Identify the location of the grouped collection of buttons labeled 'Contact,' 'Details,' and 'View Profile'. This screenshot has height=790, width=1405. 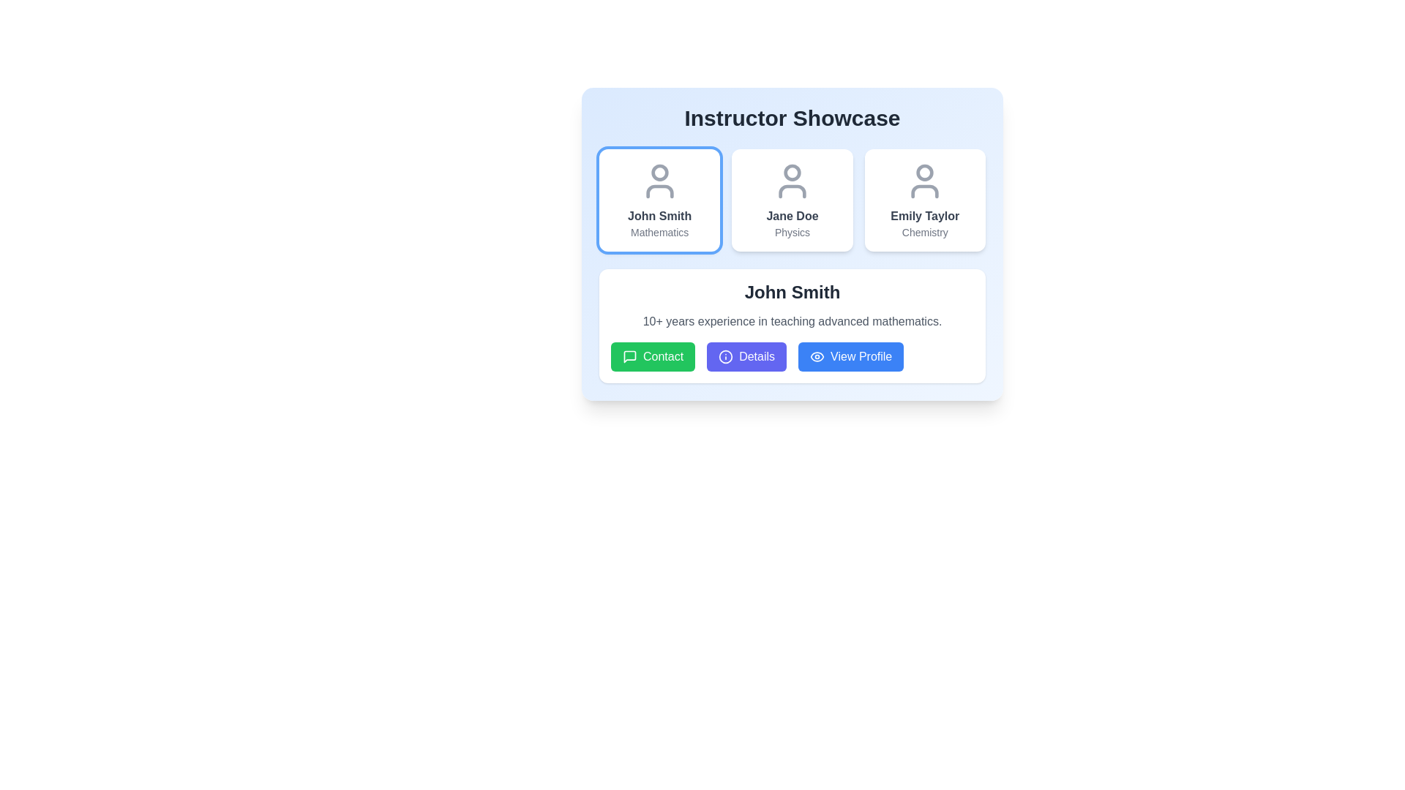
(792, 357).